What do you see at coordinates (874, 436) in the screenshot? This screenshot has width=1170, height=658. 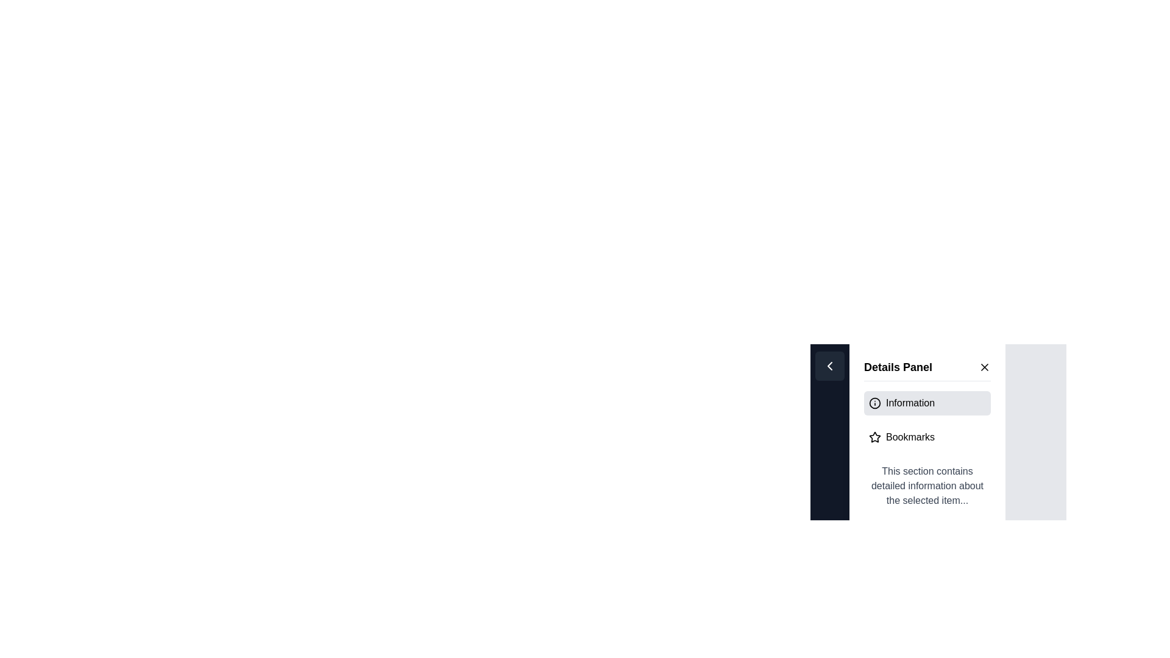 I see `the star-shaped icon located to the left of the 'Bookmarks' text label in the vertical list` at bounding box center [874, 436].